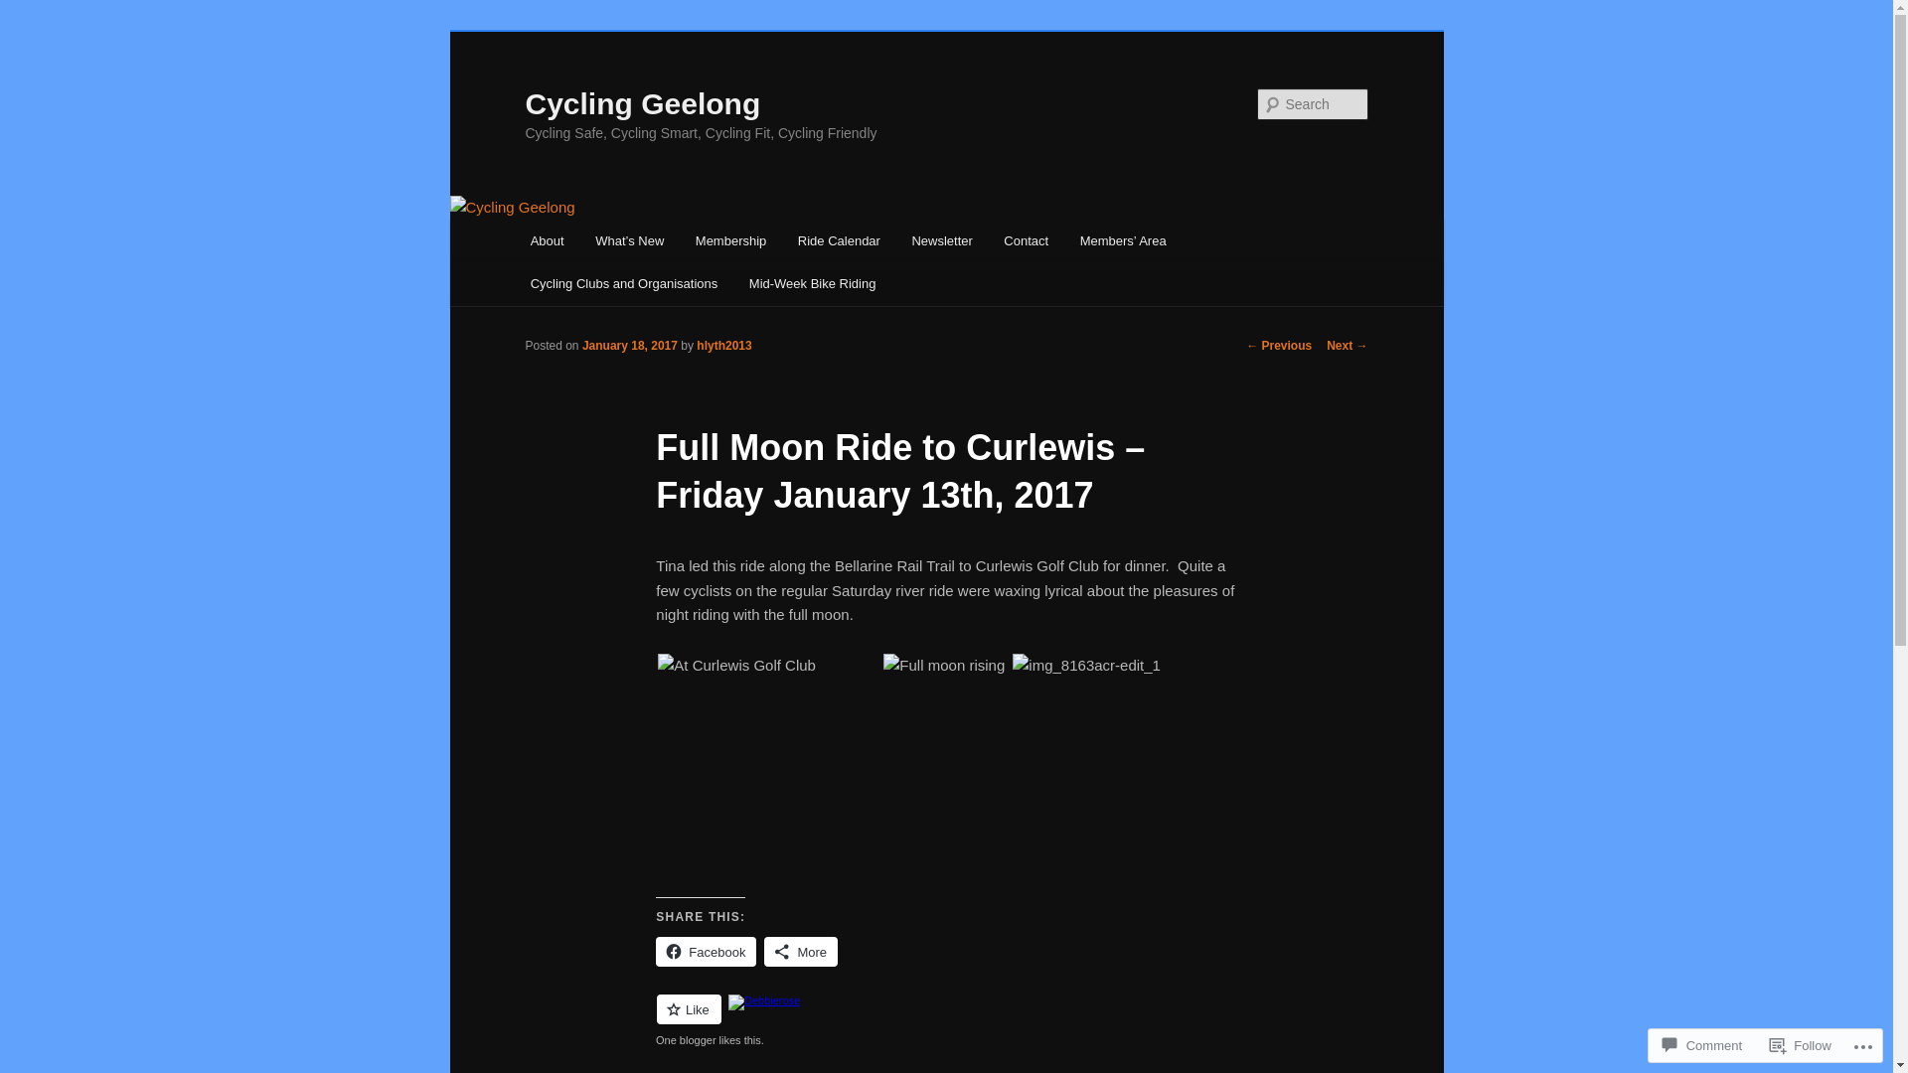  What do you see at coordinates (547, 239) in the screenshot?
I see `'About'` at bounding box center [547, 239].